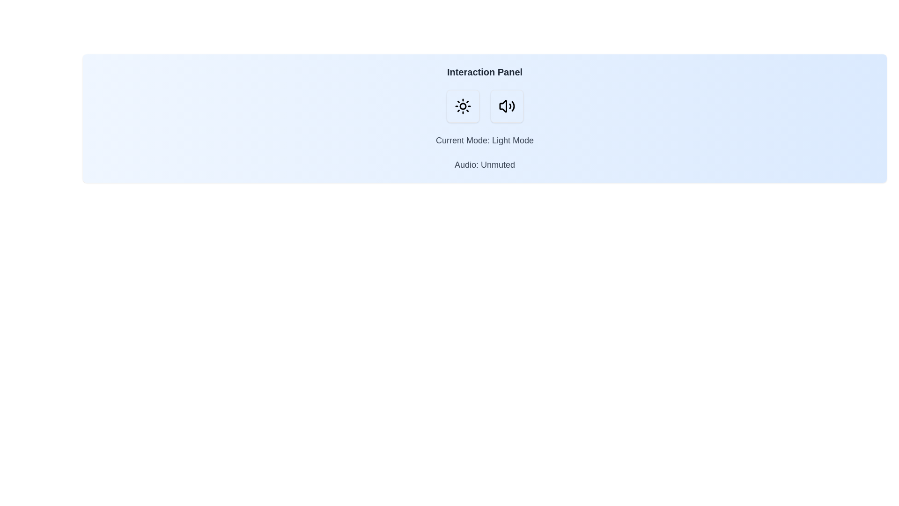  What do you see at coordinates (485, 72) in the screenshot?
I see `the title text 'Interaction Panel' to select it` at bounding box center [485, 72].